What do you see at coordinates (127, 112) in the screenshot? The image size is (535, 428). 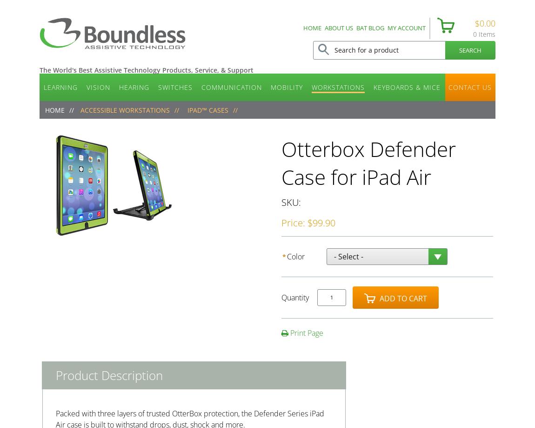 I see `'Blindness'` at bounding box center [127, 112].